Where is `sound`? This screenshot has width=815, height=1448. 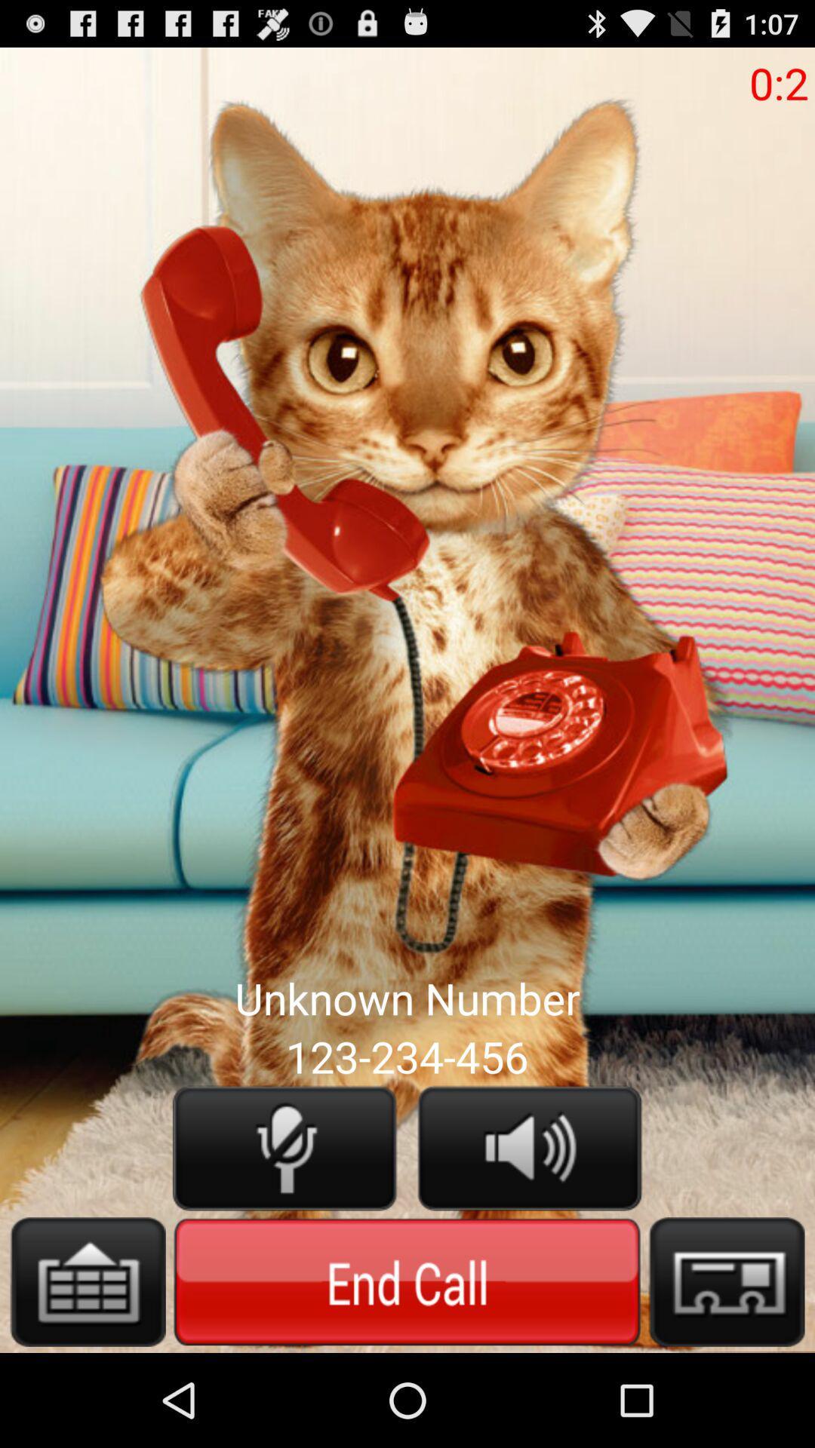
sound is located at coordinates (529, 1147).